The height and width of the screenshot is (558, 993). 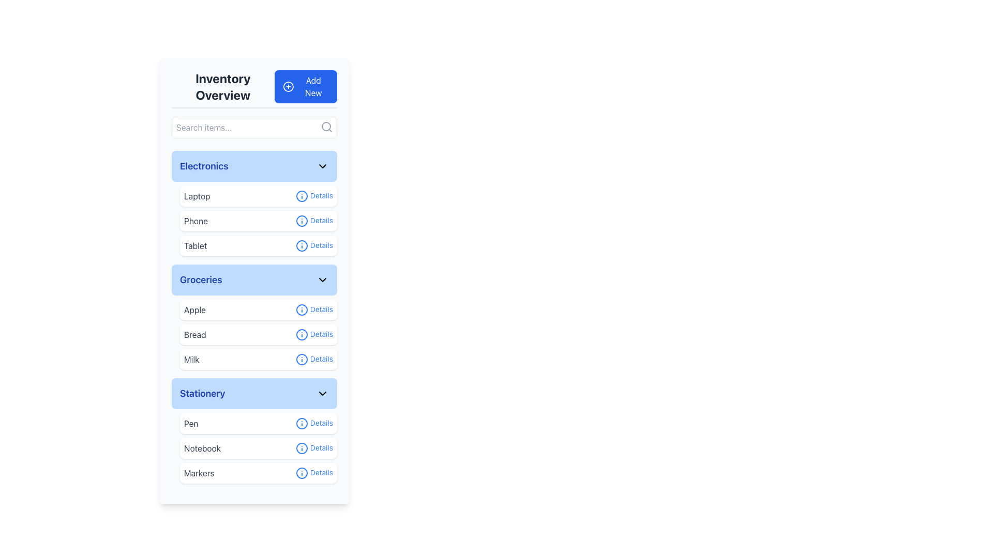 I want to click on the 'Details' link associated with the 'Tablet' item in the 'Electronics' category, so click(x=313, y=245).